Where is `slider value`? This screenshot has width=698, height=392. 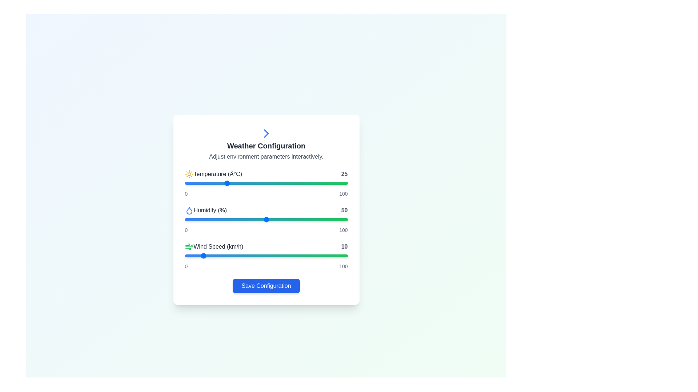
slider value is located at coordinates (243, 183).